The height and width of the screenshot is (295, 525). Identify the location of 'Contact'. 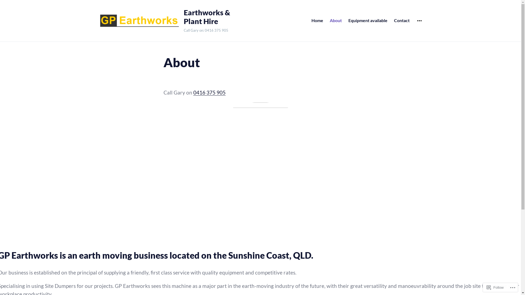
(402, 20).